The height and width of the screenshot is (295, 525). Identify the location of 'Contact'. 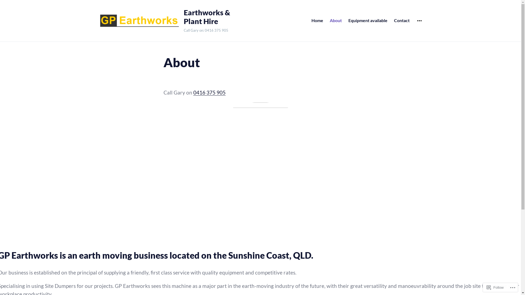
(402, 20).